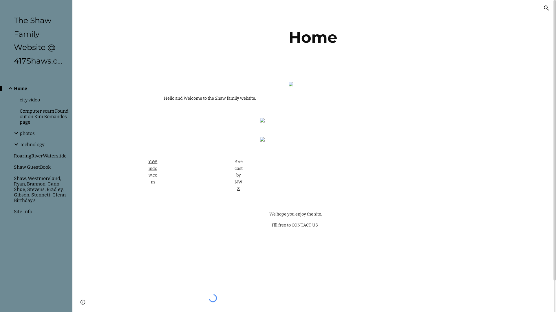 The image size is (556, 312). I want to click on 'city video', so click(43, 99).